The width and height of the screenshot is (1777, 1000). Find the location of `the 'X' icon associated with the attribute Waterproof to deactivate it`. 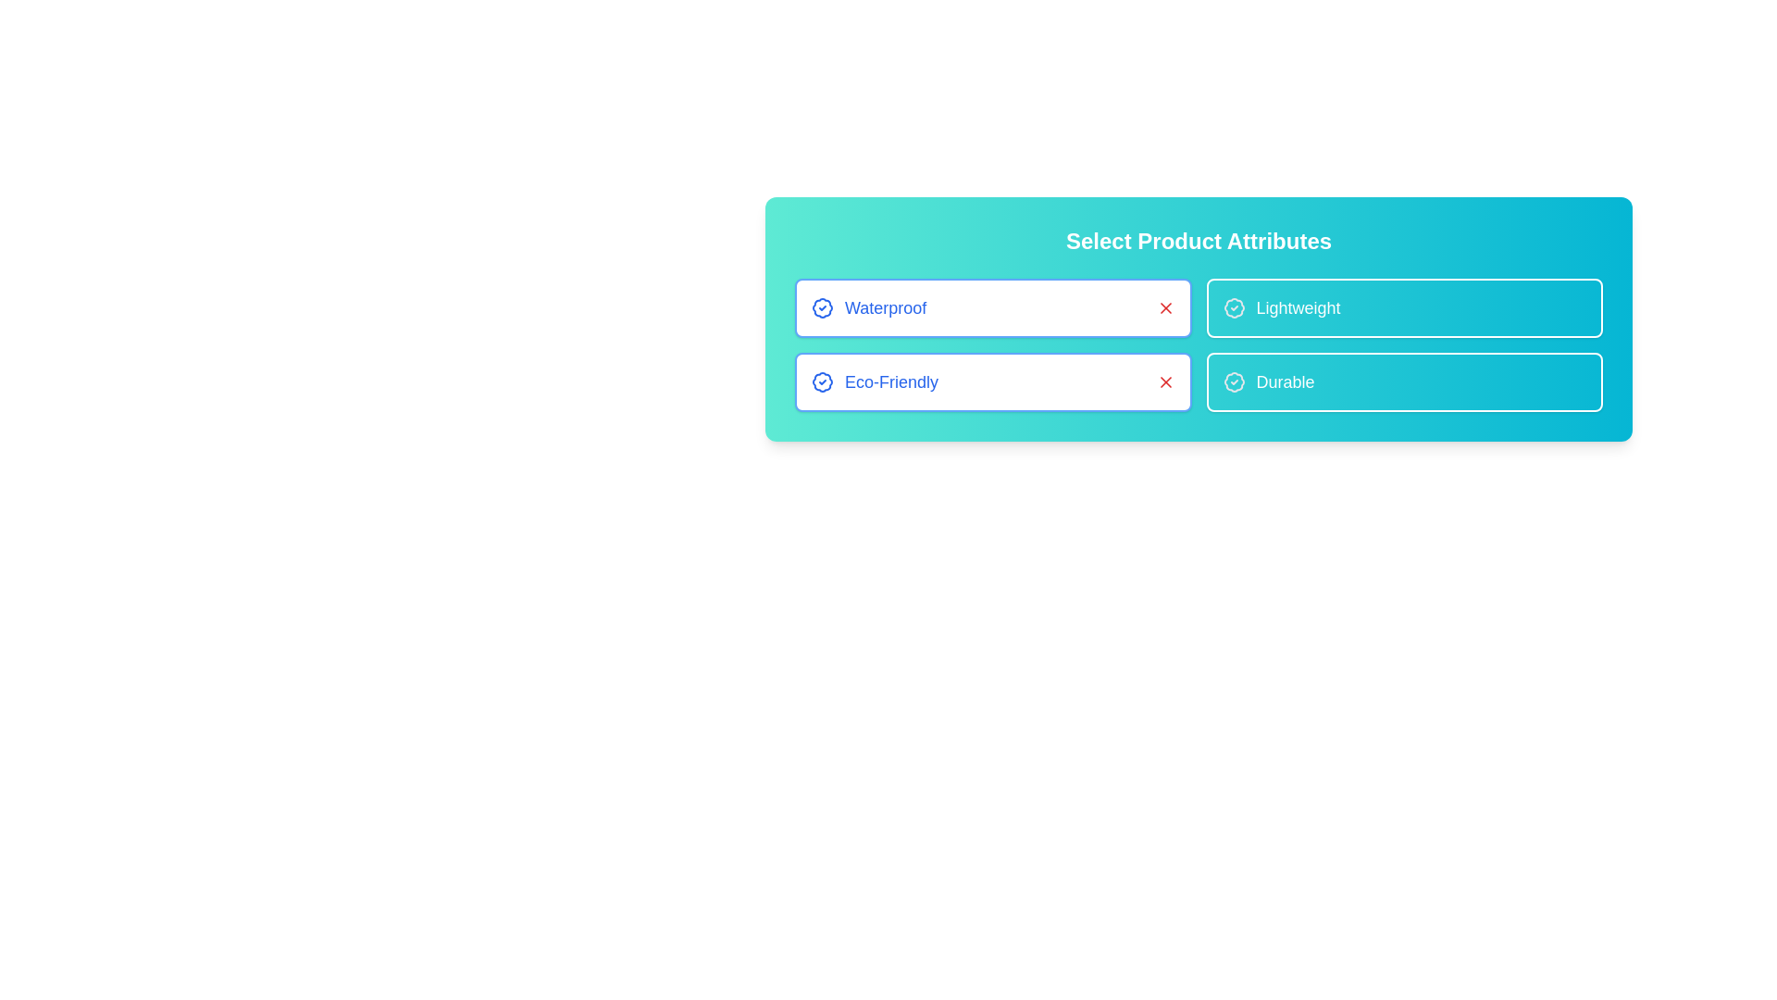

the 'X' icon associated with the attribute Waterproof to deactivate it is located at coordinates (1164, 306).